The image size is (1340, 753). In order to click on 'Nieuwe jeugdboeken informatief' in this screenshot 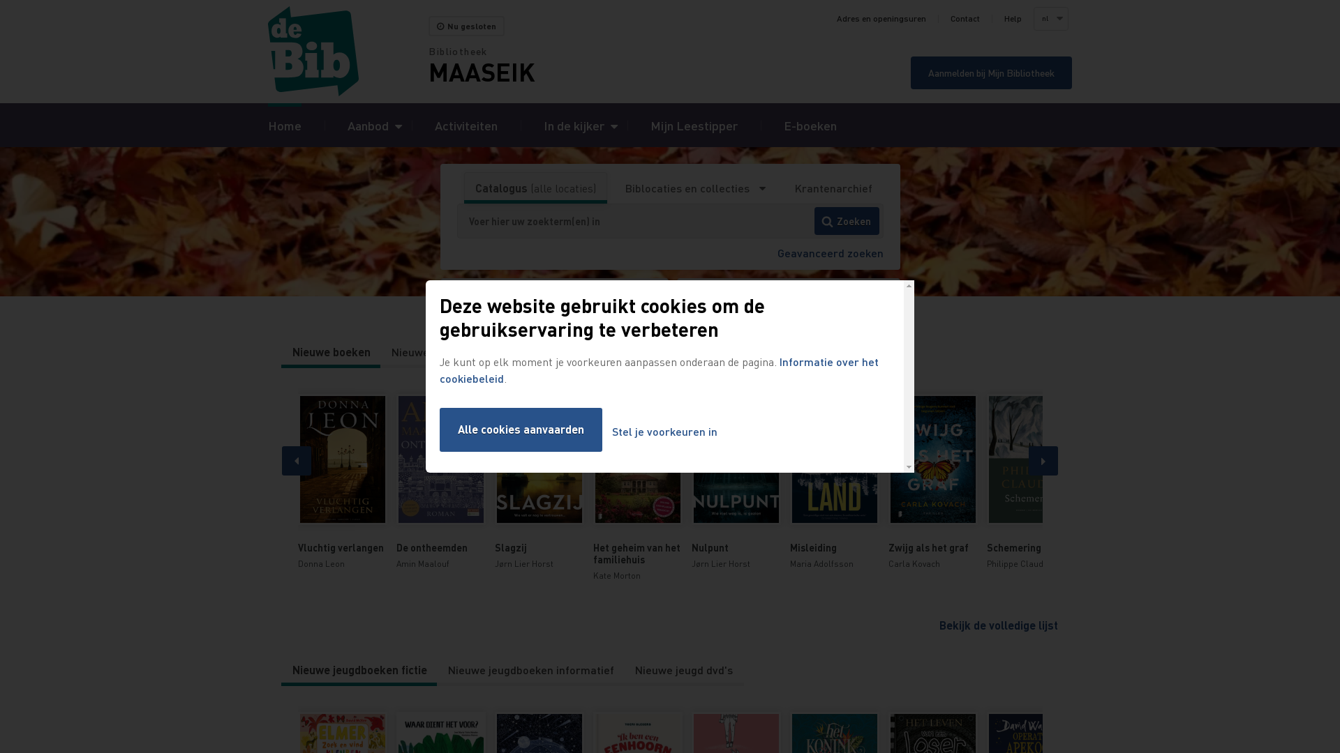, I will do `click(530, 669)`.